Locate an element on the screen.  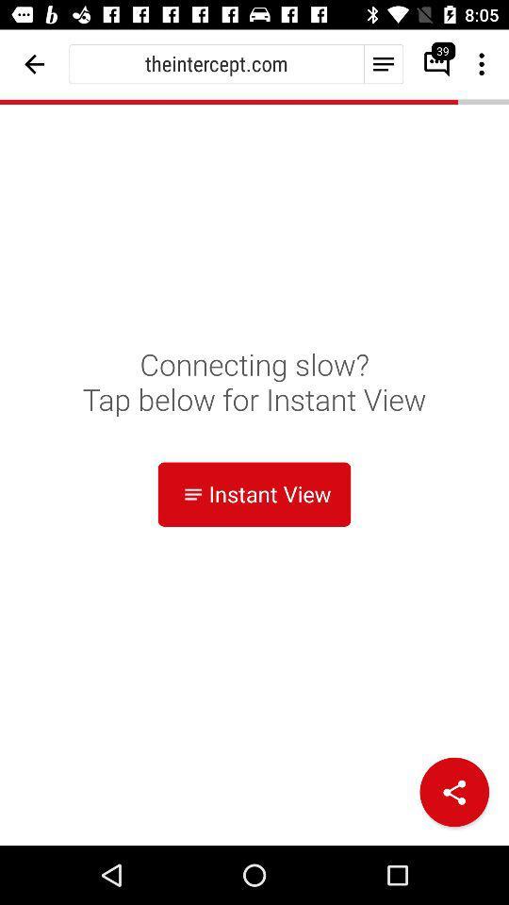
the message icon which is just to the left of option icon is located at coordinates (431, 64).